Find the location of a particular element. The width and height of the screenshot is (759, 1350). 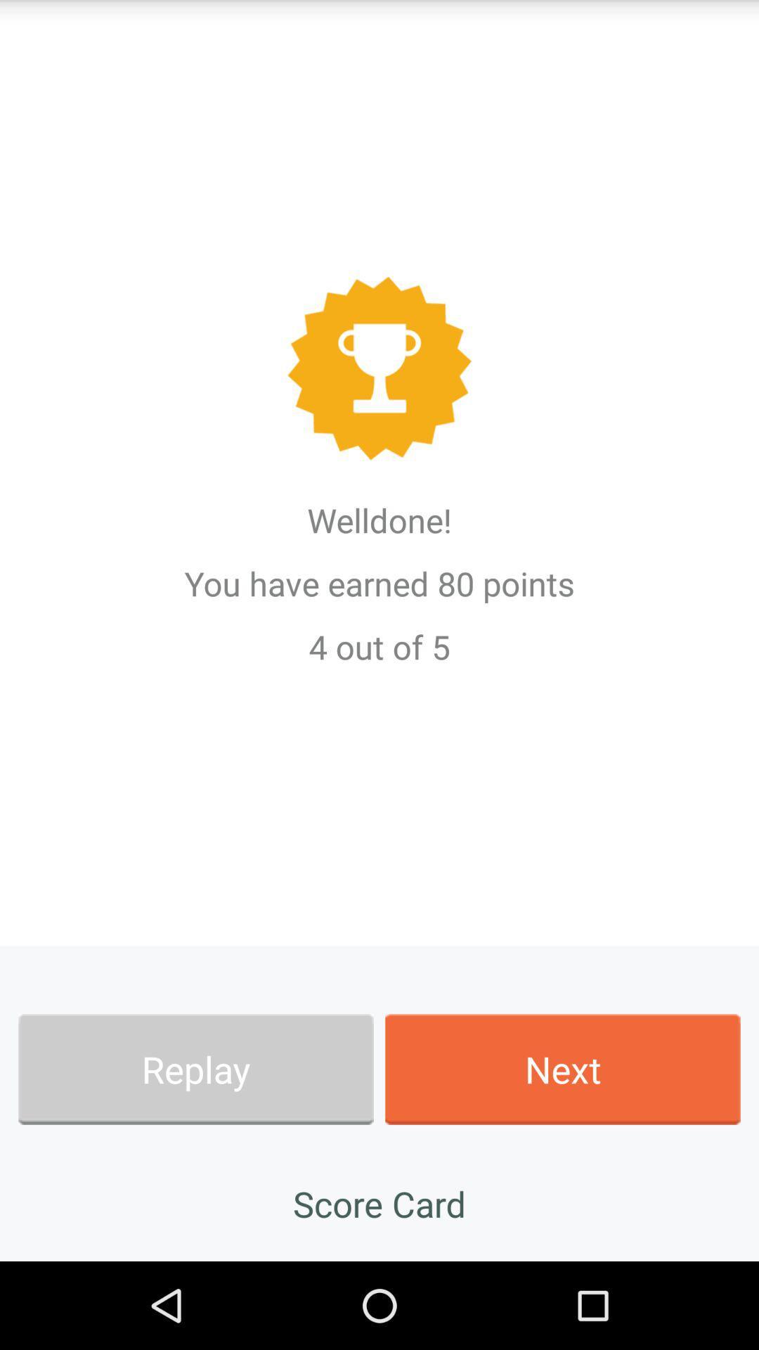

app below the 4 out of is located at coordinates (195, 1069).